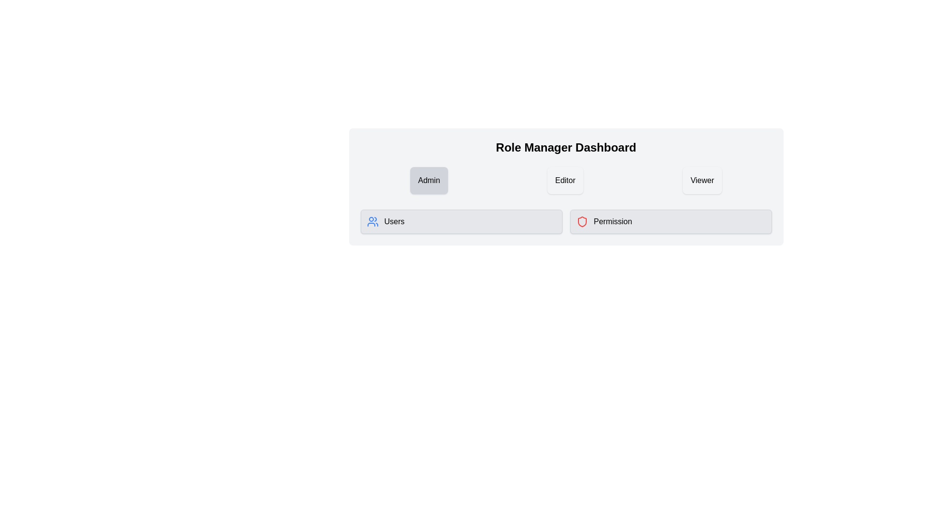  I want to click on the selectable button labeled 'Editor', so click(565, 181).